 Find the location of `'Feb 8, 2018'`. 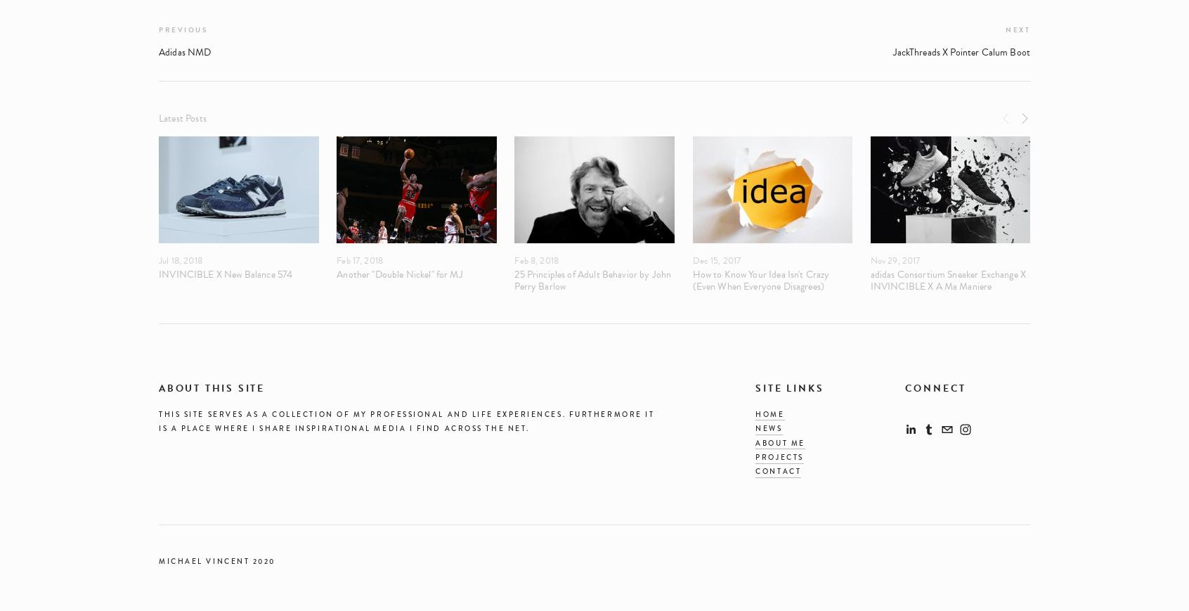

'Feb 8, 2018' is located at coordinates (535, 259).